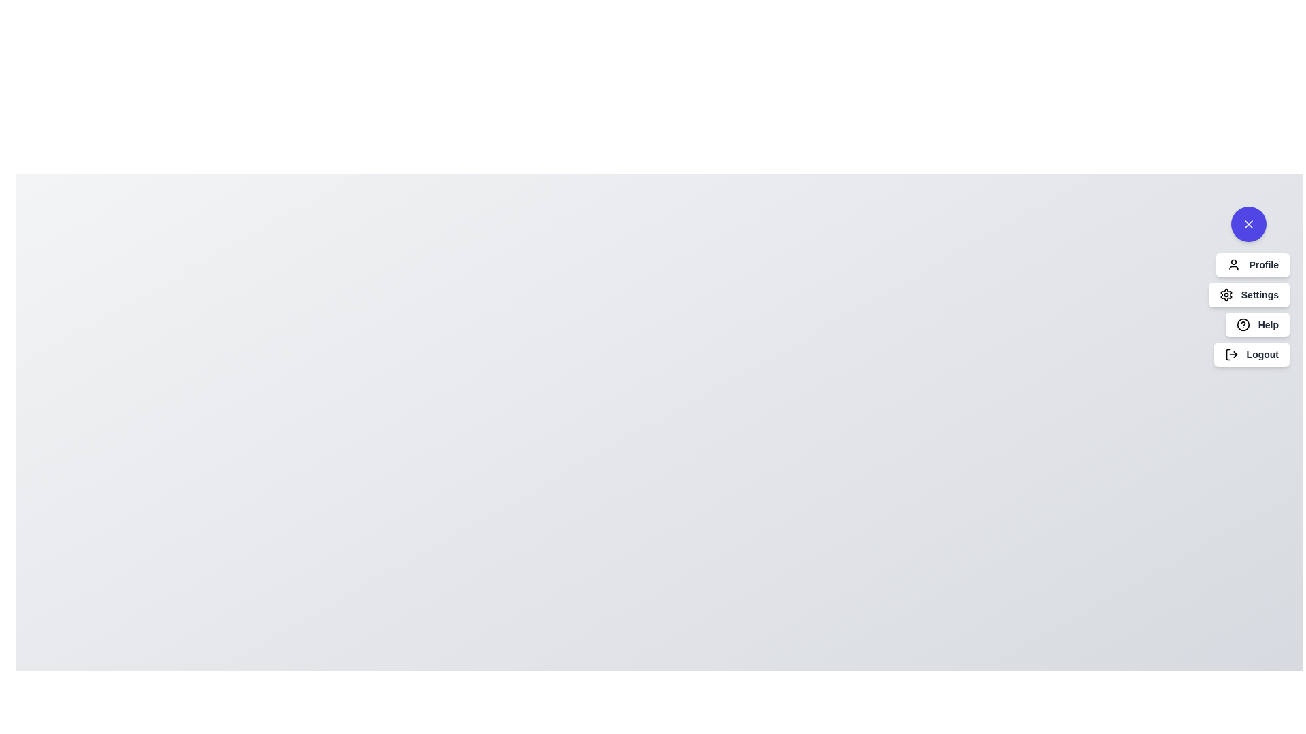 Image resolution: width=1306 pixels, height=734 pixels. Describe the element at coordinates (1256, 325) in the screenshot. I see `the 'Help' button in the UserActionsSpeedDial component` at that location.